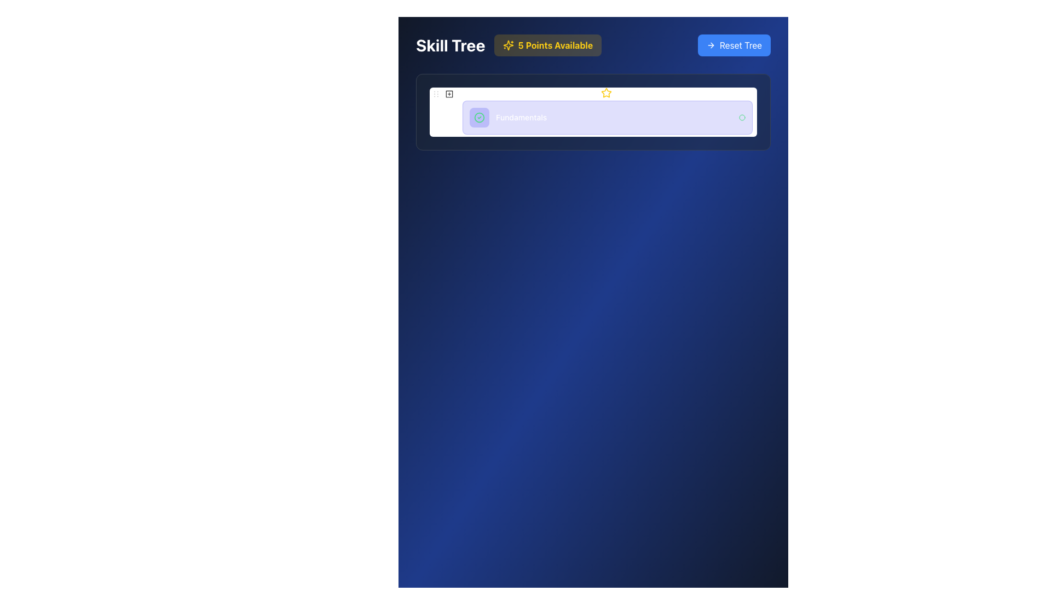  What do you see at coordinates (508, 45) in the screenshot?
I see `available points from the Composite Component that serves as a header for the skill tree interface, positioned to the left of the 'Reset Tree' button` at bounding box center [508, 45].